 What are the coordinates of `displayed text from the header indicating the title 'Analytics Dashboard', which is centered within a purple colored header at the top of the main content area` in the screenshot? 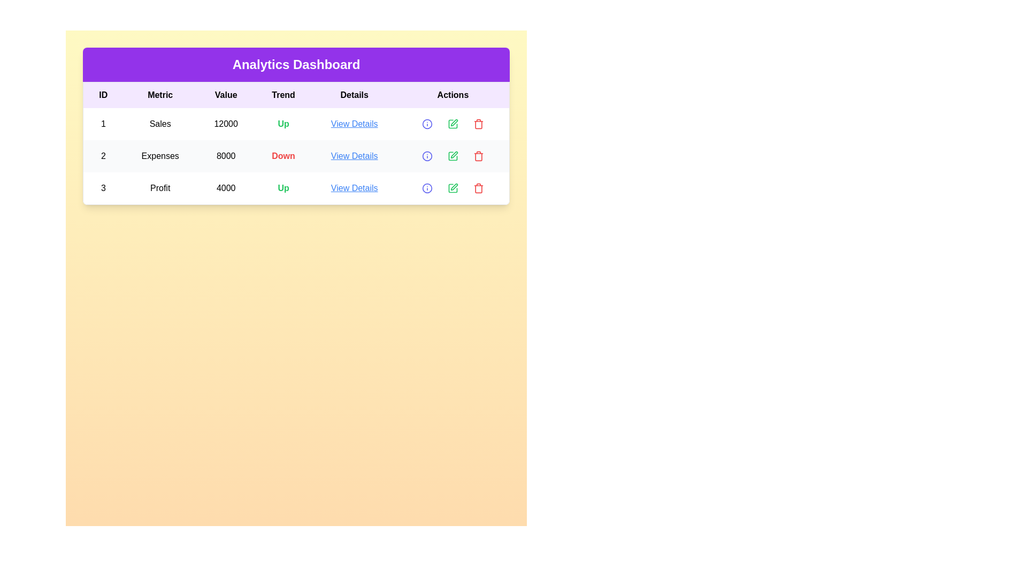 It's located at (296, 64).